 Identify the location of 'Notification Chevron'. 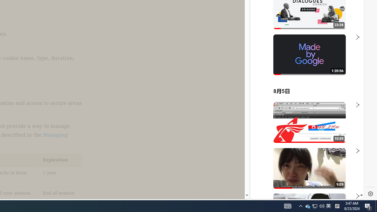
(300, 206).